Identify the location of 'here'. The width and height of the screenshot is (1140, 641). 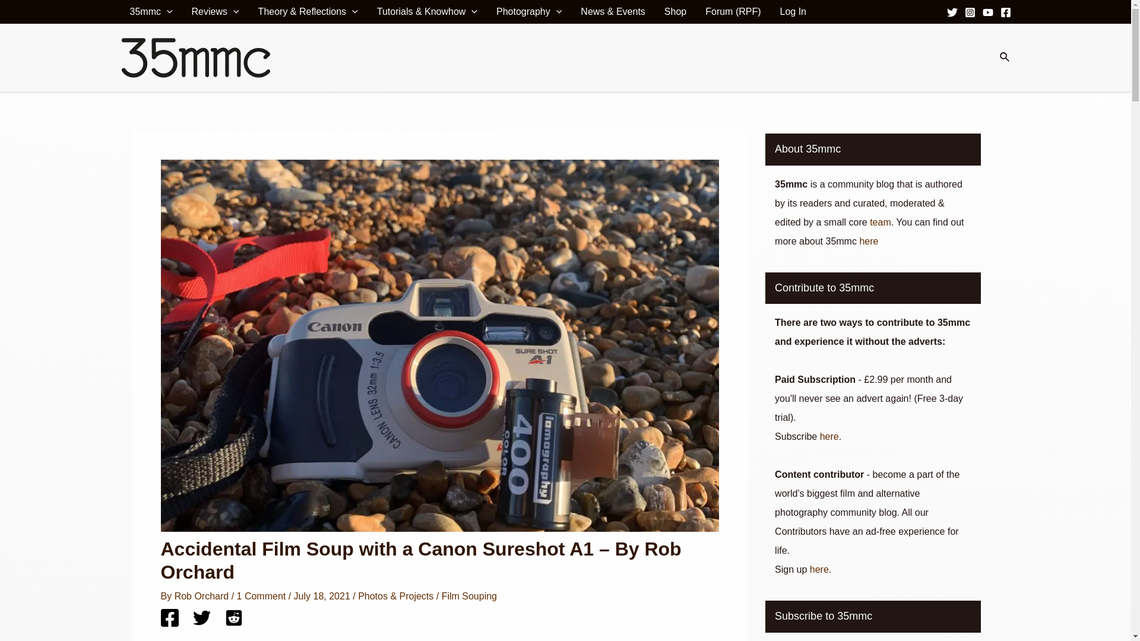
(869, 240).